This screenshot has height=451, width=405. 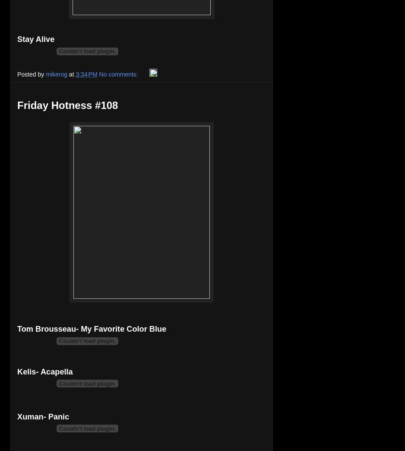 I want to click on 'Stay Alive', so click(x=36, y=39).